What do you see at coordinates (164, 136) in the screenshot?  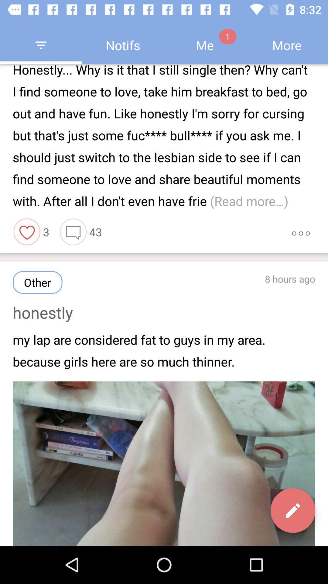 I see `icon below the notifs item` at bounding box center [164, 136].